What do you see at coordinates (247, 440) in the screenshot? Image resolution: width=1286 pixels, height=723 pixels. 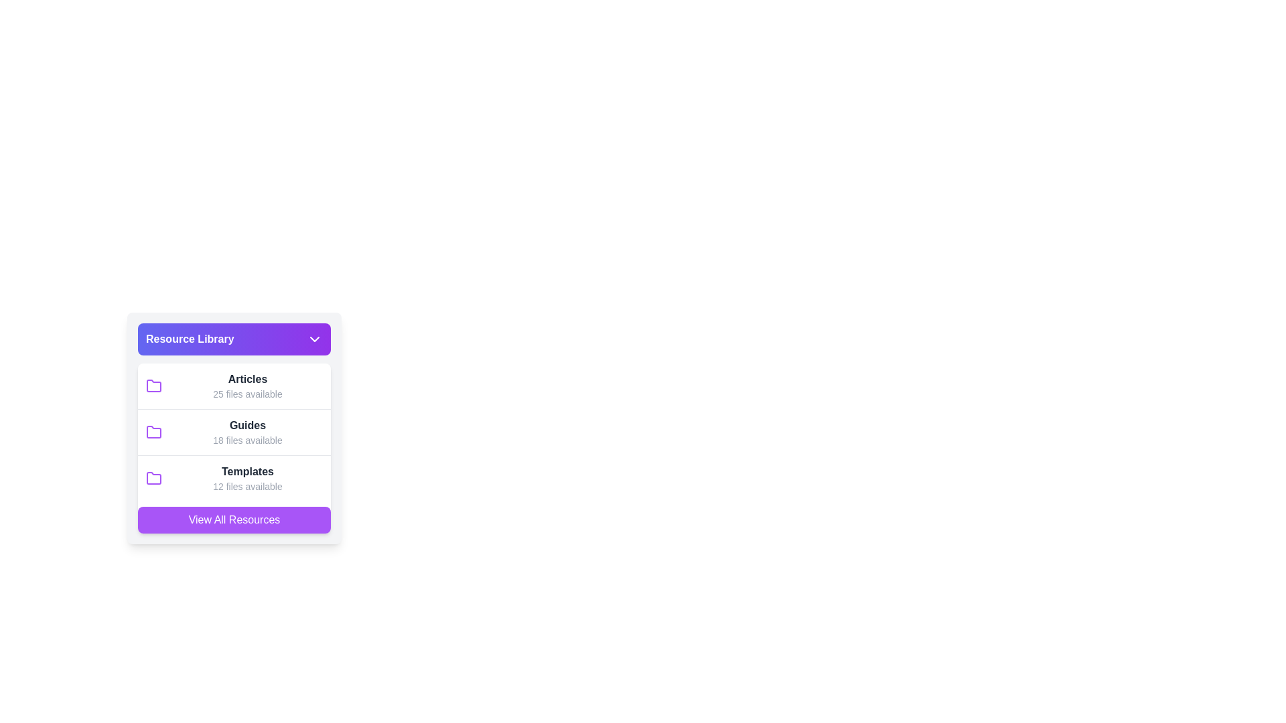 I see `the static informational text displaying '18 files available', which is styled in light gray and positioned below the 'Guides' label in the 'Resource Library' dropdown` at bounding box center [247, 440].